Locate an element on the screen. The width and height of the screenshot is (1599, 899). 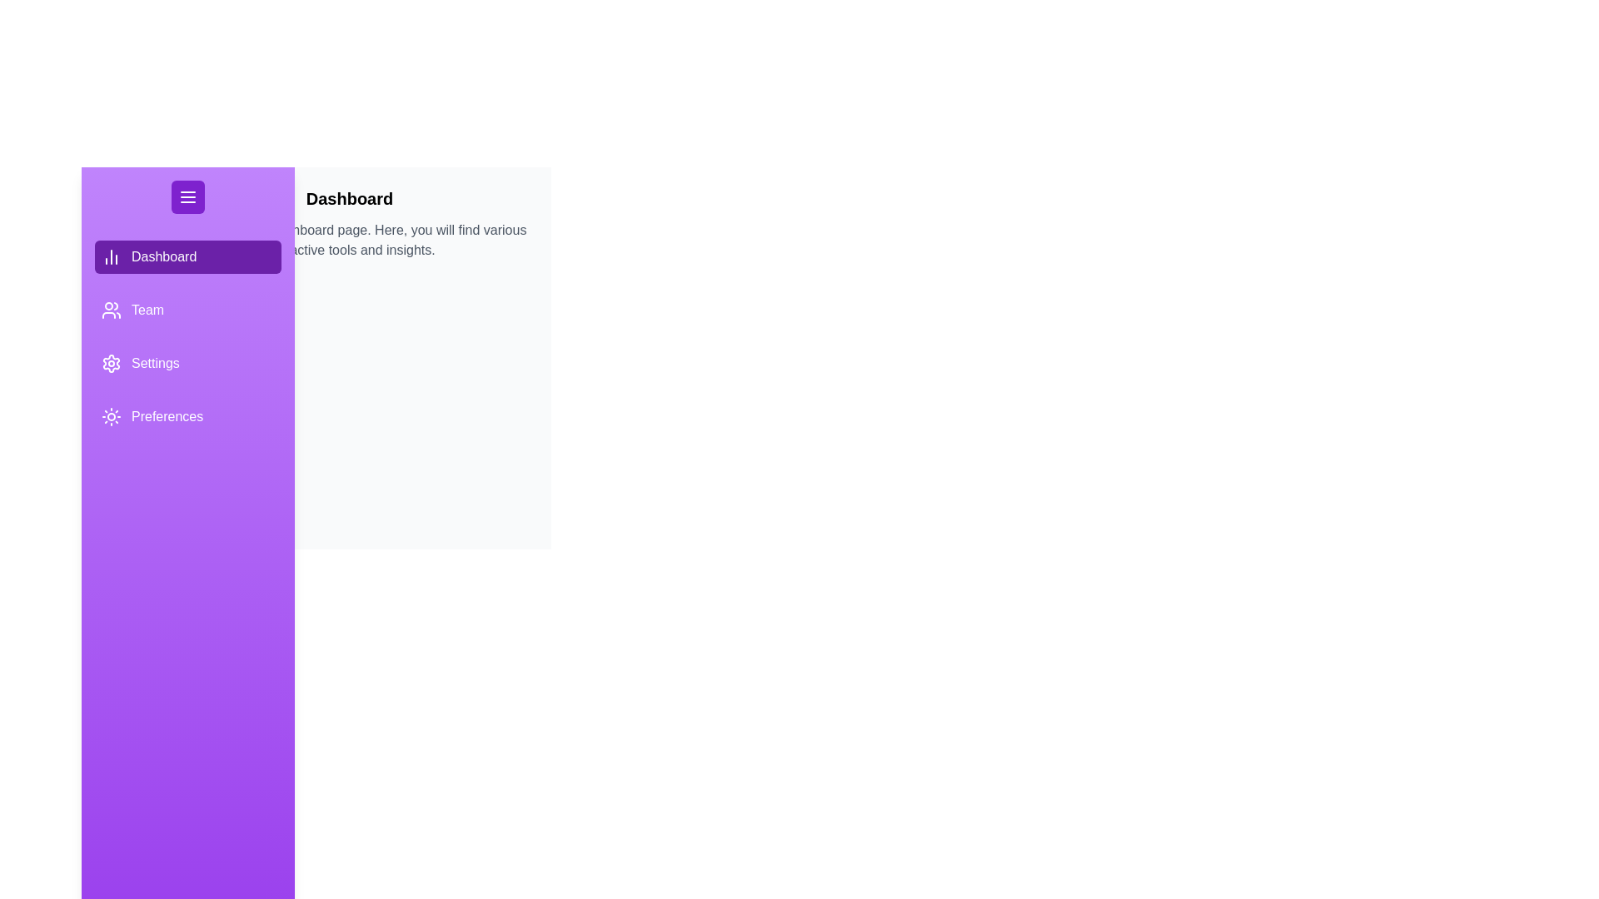
the tab labeled Preferences by clicking on it is located at coordinates (187, 416).